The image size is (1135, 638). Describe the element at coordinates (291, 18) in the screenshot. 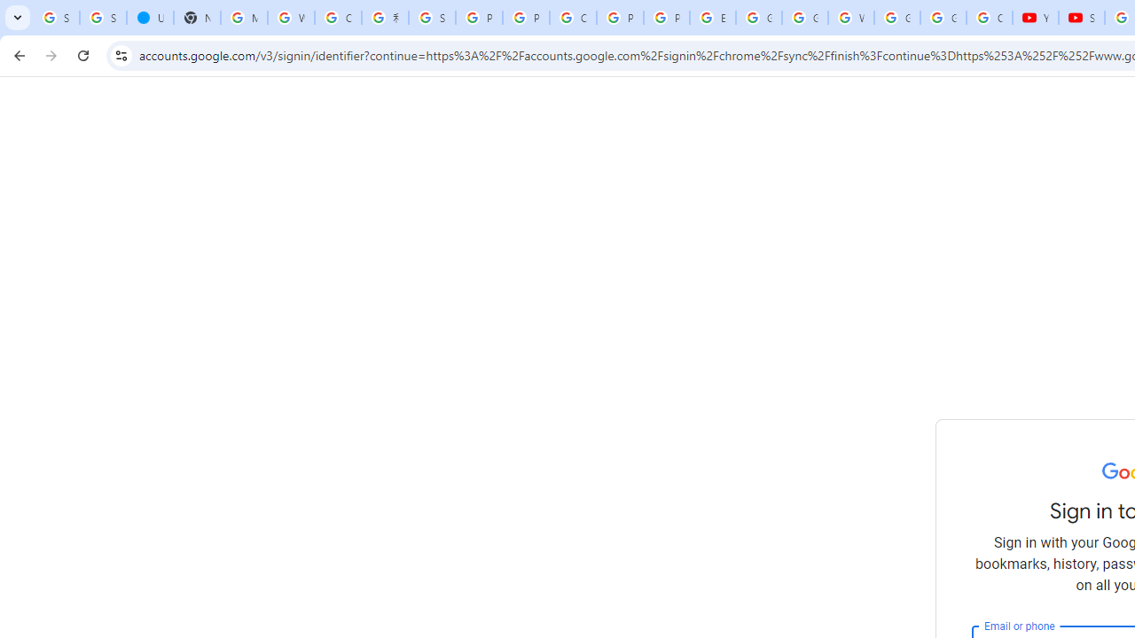

I see `'Who is my administrator? - Google Account Help'` at that location.